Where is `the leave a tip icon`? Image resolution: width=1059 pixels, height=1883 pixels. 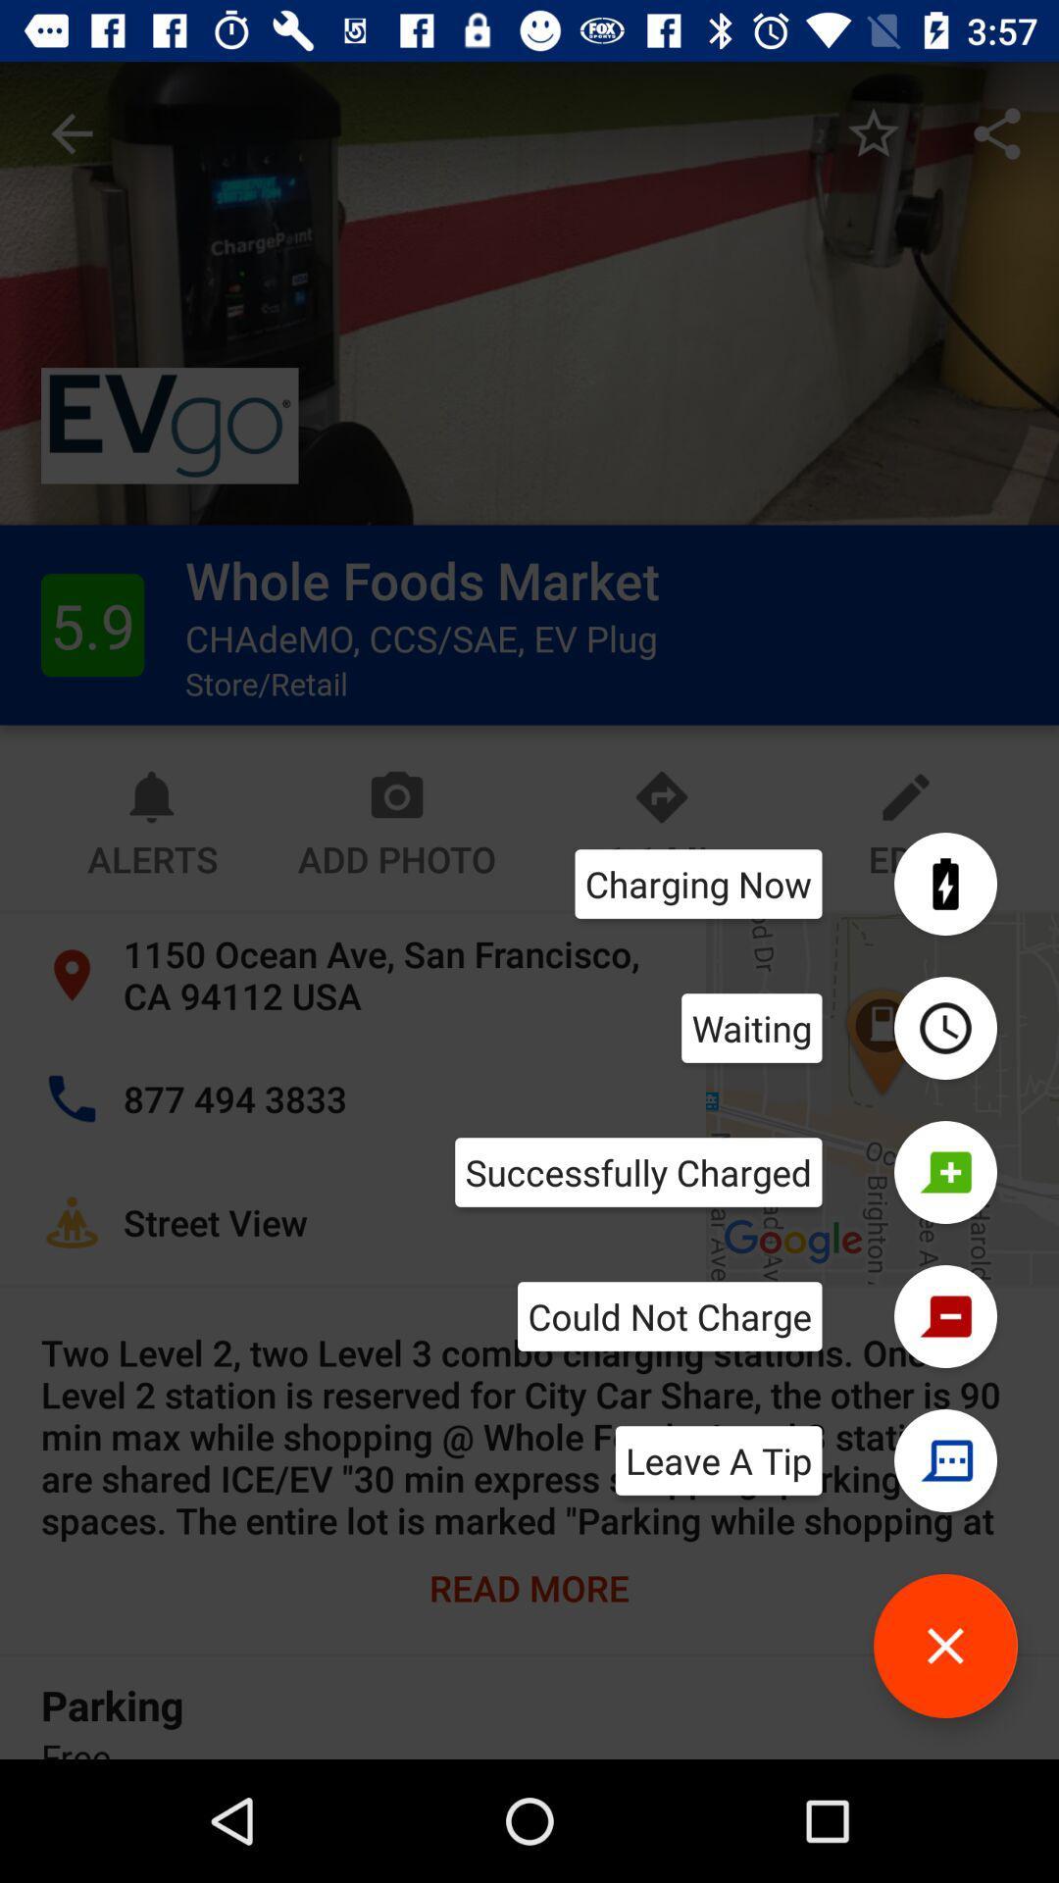 the leave a tip icon is located at coordinates (719, 1460).